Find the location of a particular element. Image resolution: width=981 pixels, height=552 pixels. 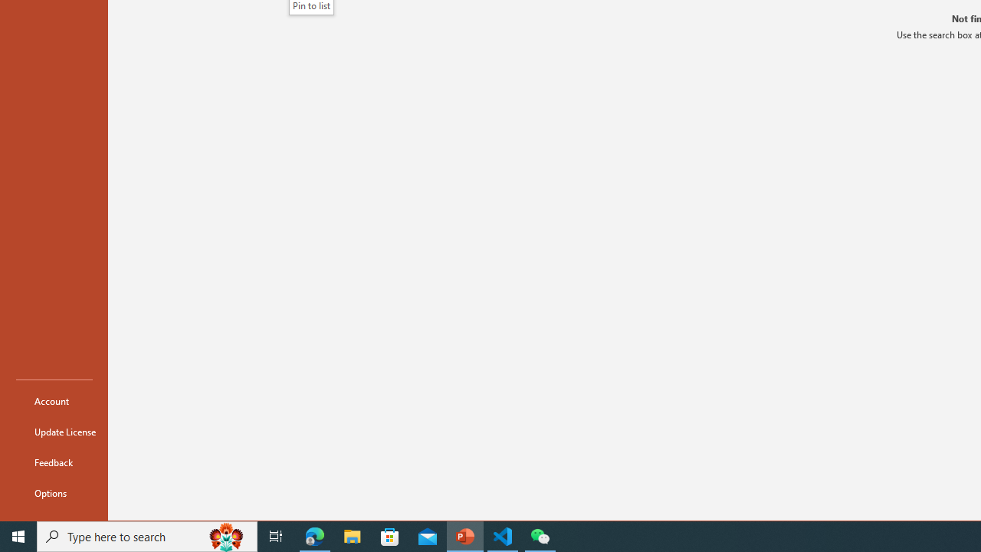

'Account' is located at coordinates (54, 400).